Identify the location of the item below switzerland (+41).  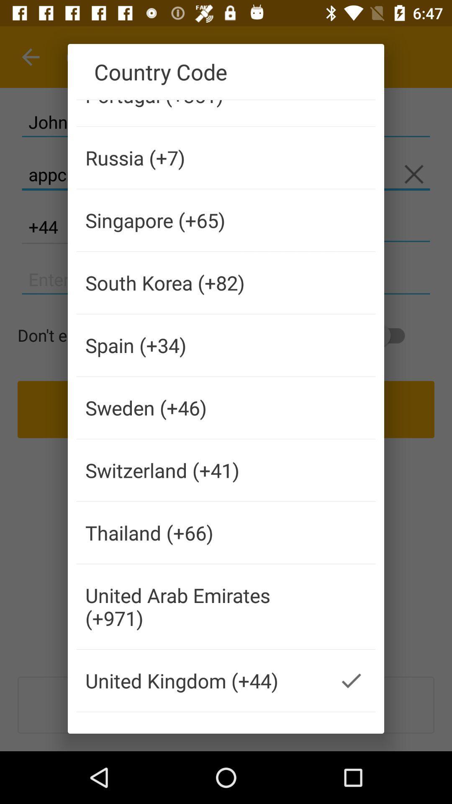
(202, 532).